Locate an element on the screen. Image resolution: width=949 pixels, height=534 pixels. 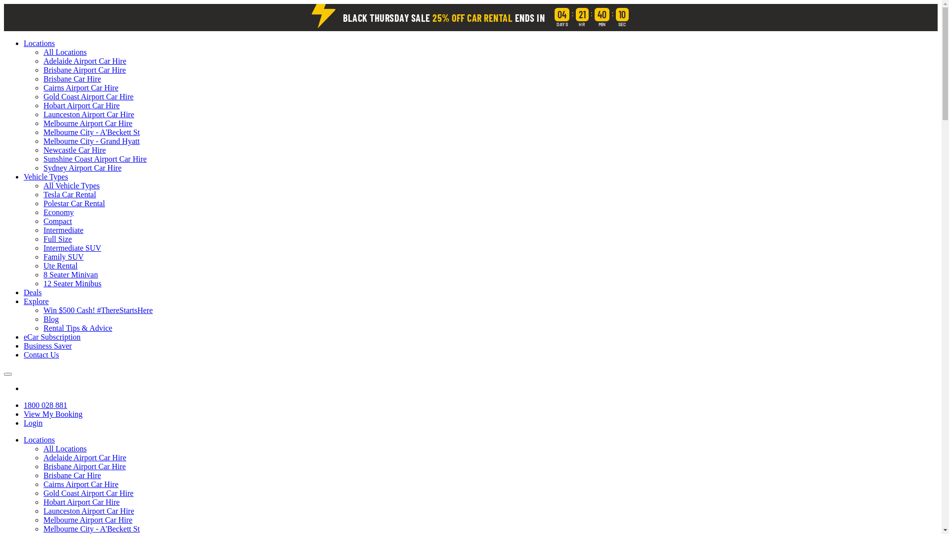
'Brisbane Airport Car Hire' is located at coordinates (43, 69).